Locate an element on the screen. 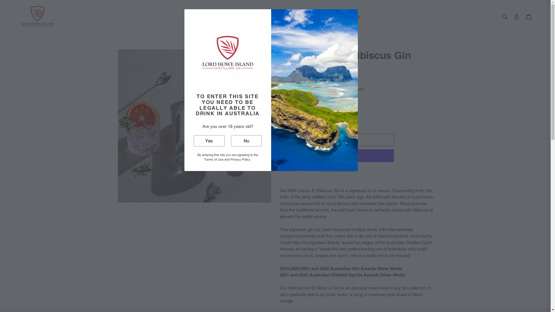  'Log in' is located at coordinates (516, 16).